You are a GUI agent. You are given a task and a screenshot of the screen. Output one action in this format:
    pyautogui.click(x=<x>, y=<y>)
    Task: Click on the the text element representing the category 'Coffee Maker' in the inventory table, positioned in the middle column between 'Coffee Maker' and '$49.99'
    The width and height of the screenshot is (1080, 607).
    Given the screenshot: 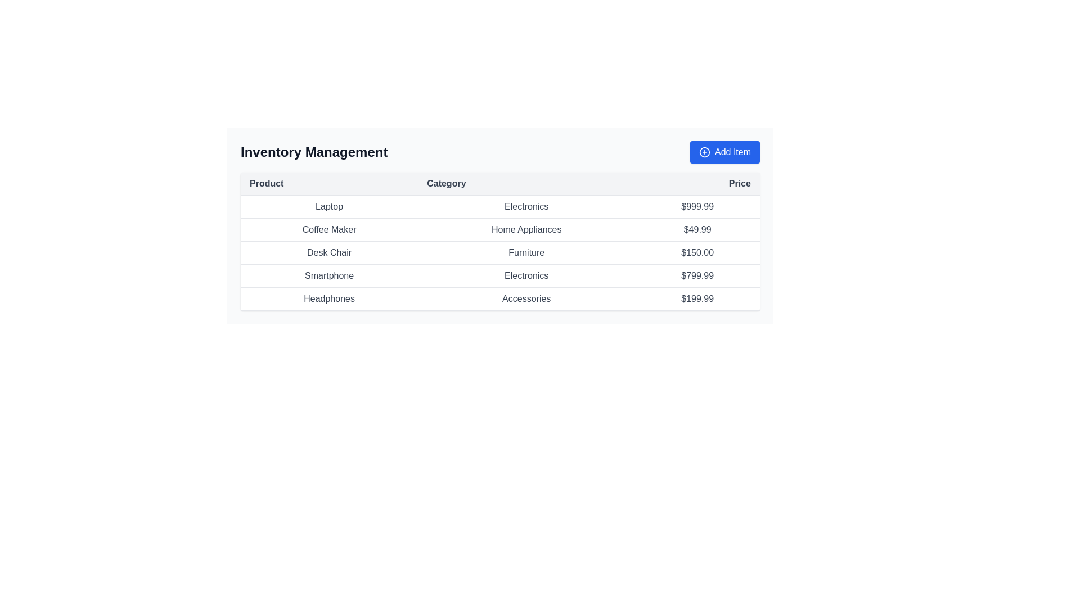 What is the action you would take?
    pyautogui.click(x=526, y=229)
    